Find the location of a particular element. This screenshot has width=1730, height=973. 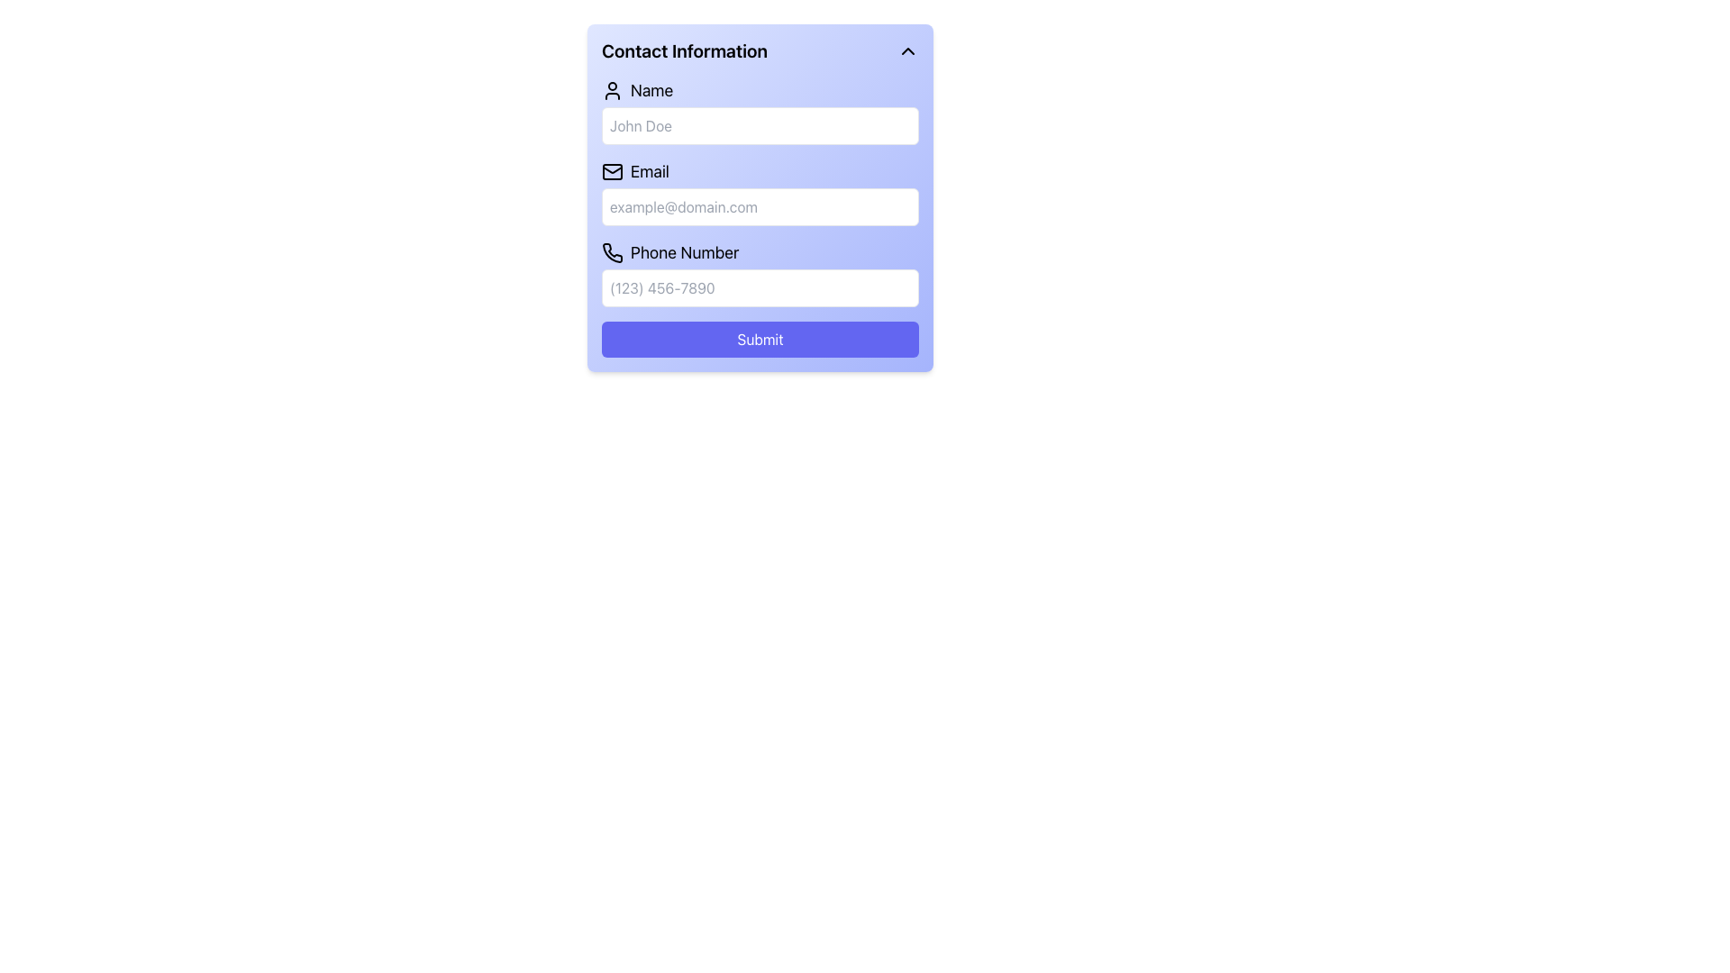

the telephone handset icon located to the left of the 'Phone Number' label in the contact form is located at coordinates (613, 253).